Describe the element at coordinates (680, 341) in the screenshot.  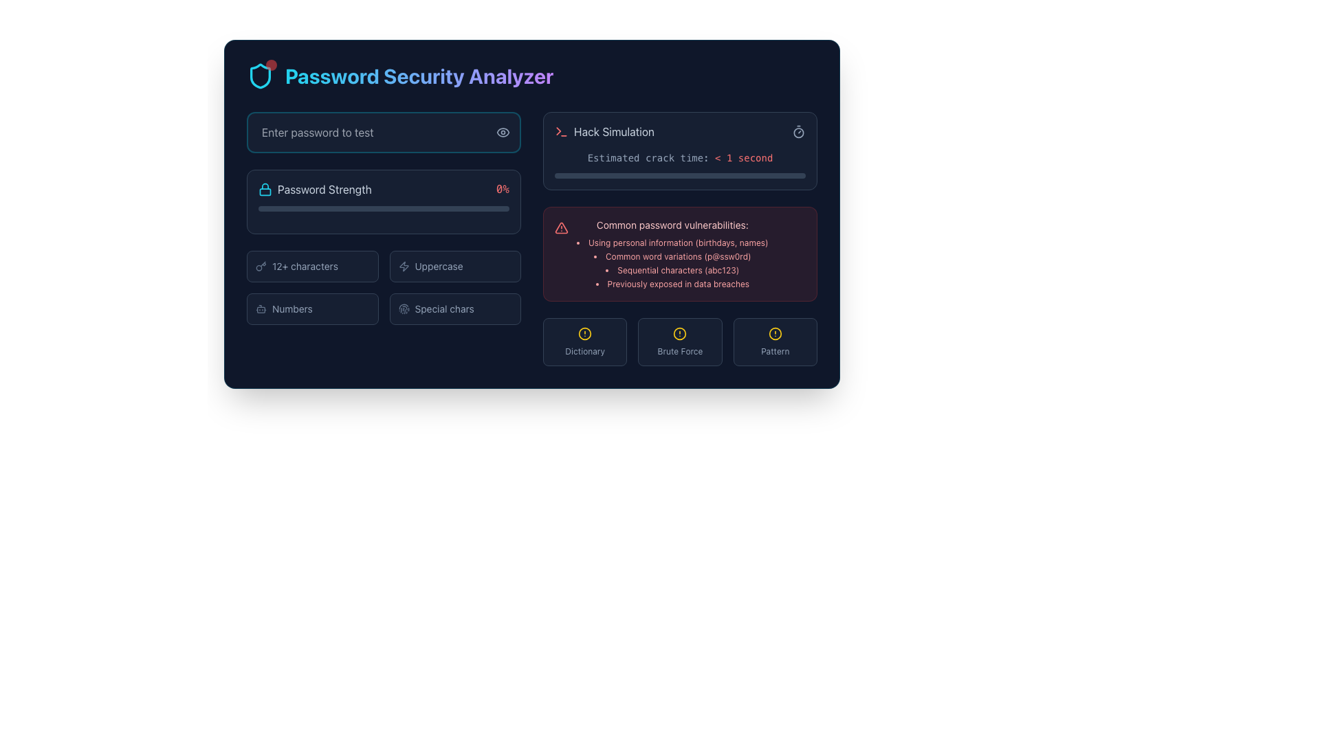
I see `the Horizontal option selector for password security categories located at the lower part of the interface by clicking on it for more information` at that location.